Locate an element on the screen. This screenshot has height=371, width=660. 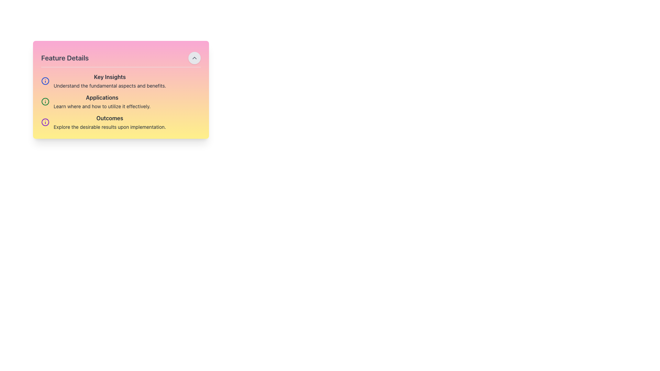
the Text content area with descriptive and heading text located in the 'Feature Details' section, which is the first item in a vertically-aligned list structure is located at coordinates (109, 80).